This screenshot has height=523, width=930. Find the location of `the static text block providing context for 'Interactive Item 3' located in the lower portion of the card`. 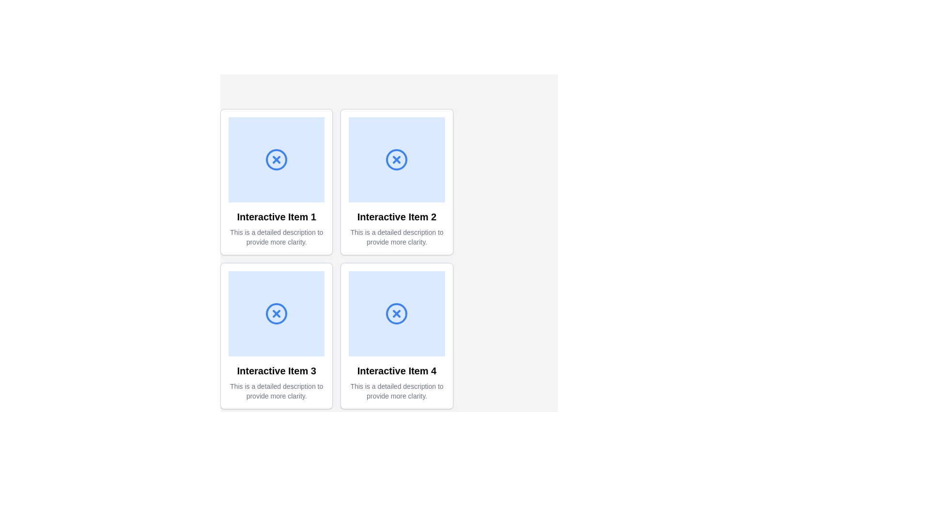

the static text block providing context for 'Interactive Item 3' located in the lower portion of the card is located at coordinates (276, 390).